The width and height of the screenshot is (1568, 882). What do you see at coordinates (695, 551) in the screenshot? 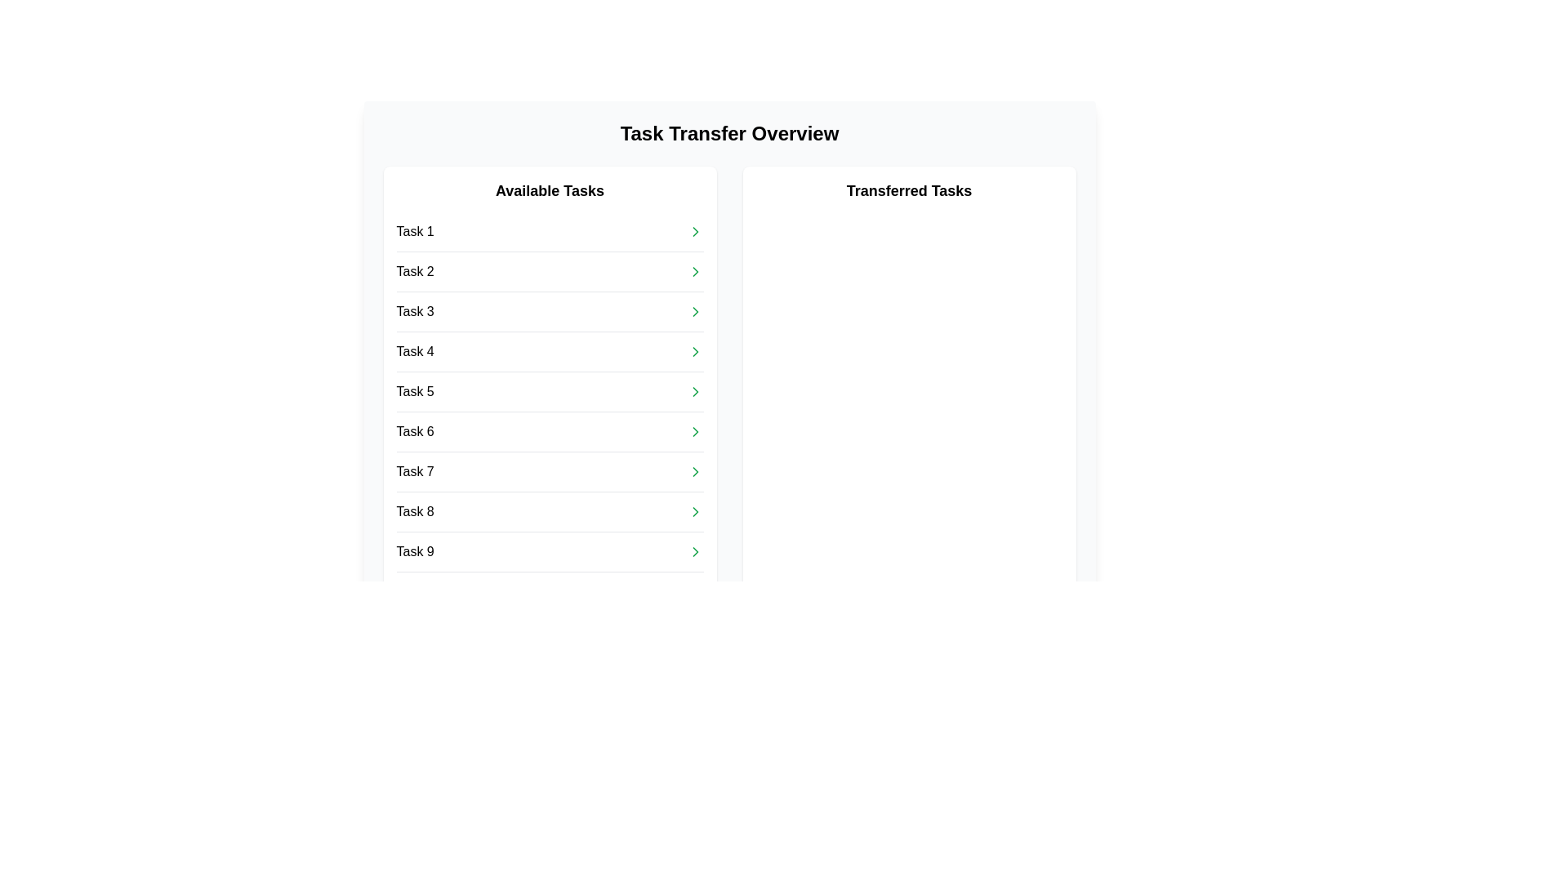
I see `the green right-pointing arrow icon located at the far right of the 'Task 9' row in the 'Available Tasks' list` at bounding box center [695, 551].